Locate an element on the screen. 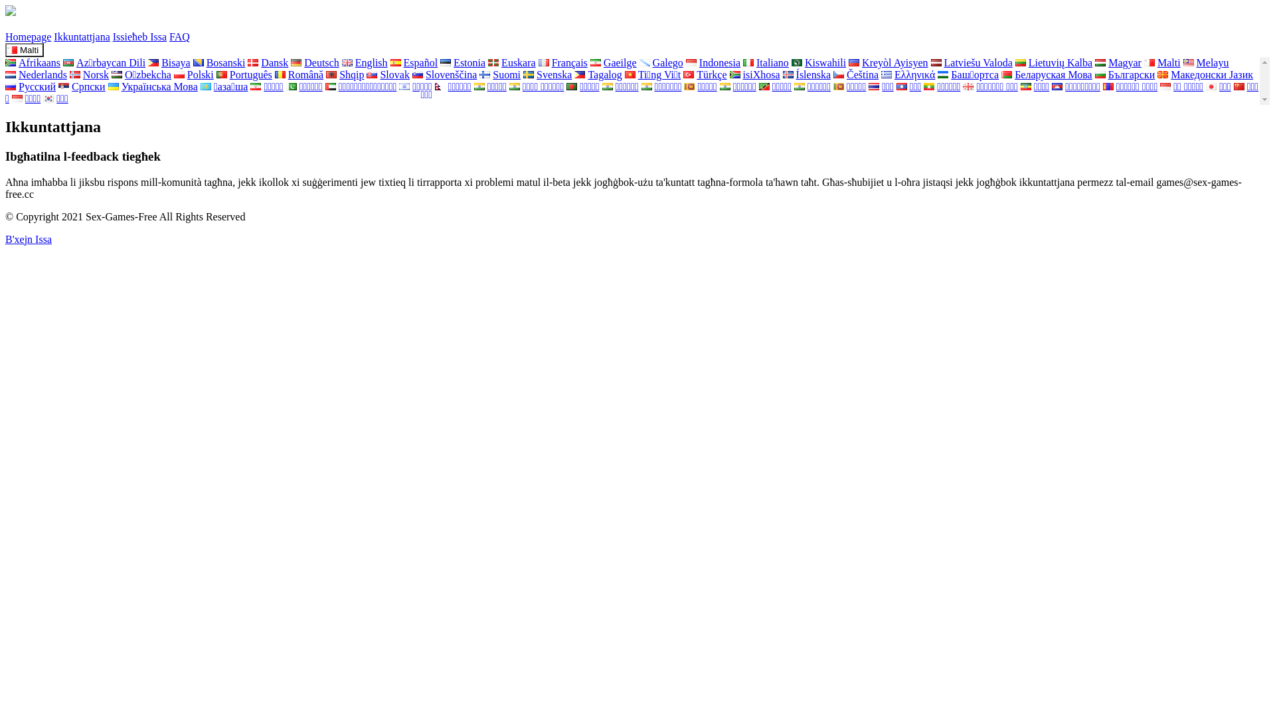 This screenshot has width=1275, height=717. 'Kiswahili' is located at coordinates (818, 62).